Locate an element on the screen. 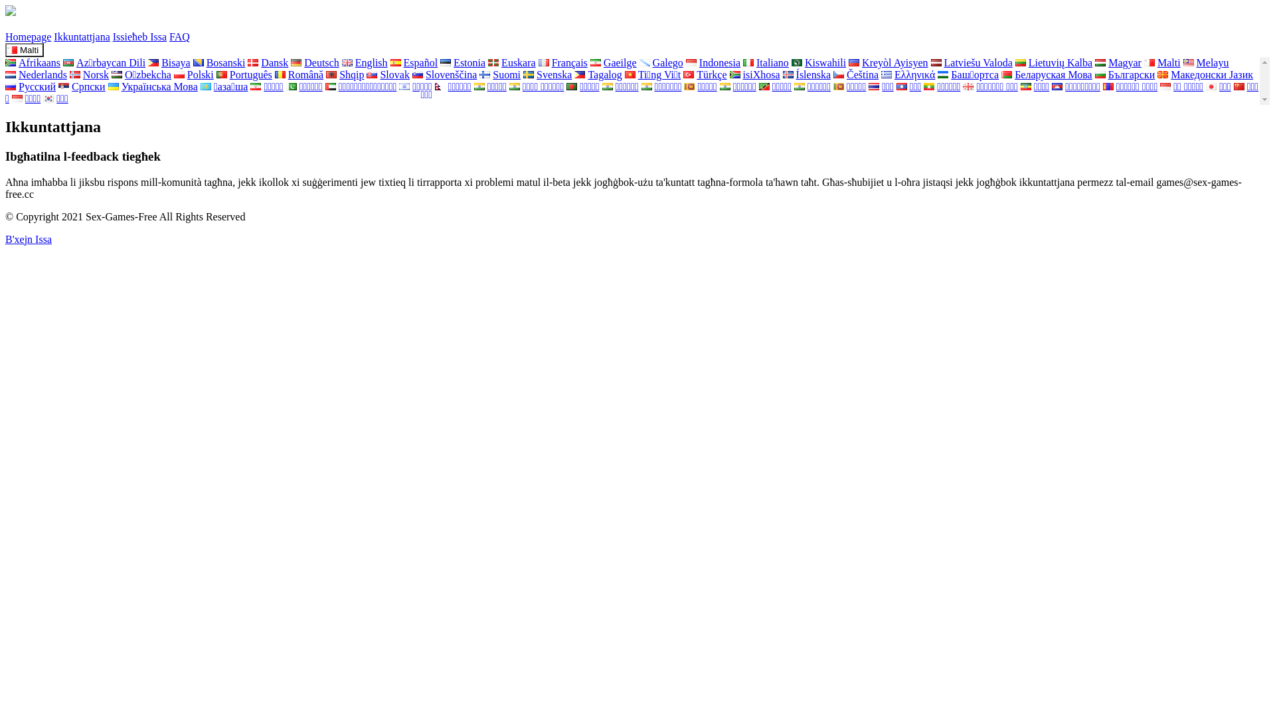 This screenshot has width=1275, height=717. 'Kiswahili' is located at coordinates (818, 62).